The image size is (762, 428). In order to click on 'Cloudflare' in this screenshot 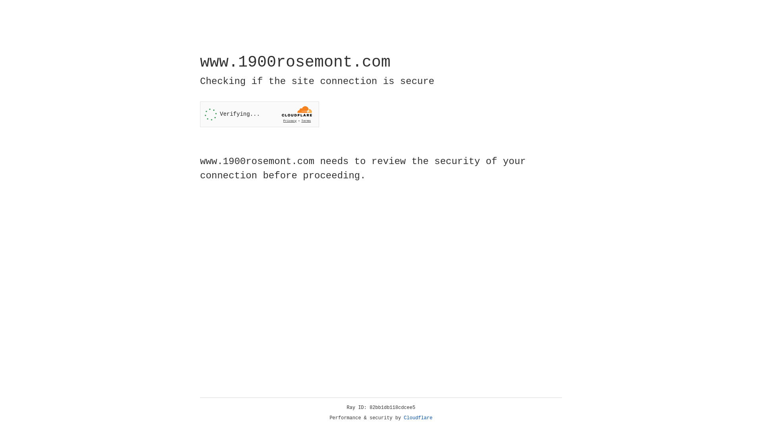, I will do `click(418, 418)`.